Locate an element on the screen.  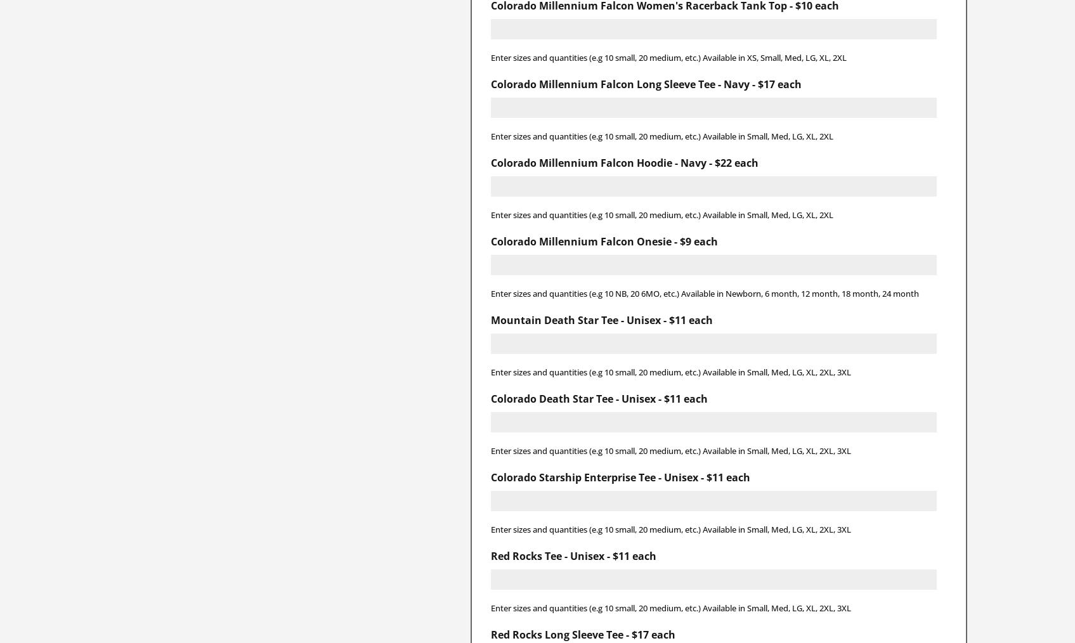
'Enter sizes and quantities (e.g 10 NB, 20 6MO, etc.)
Available in Newborn, 6 month, 12 month, 18 month, 24 month' is located at coordinates (703, 292).